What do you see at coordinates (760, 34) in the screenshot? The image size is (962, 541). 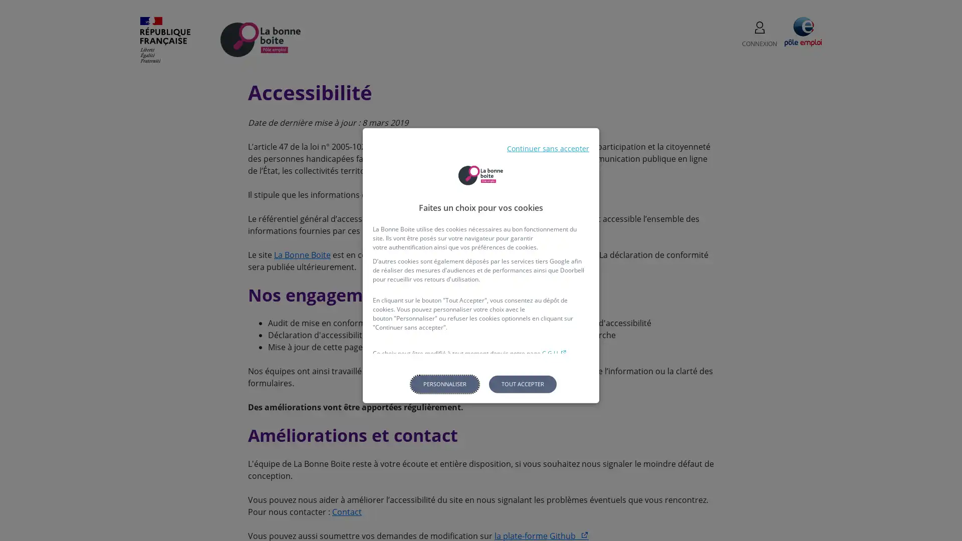 I see `CONNEXION` at bounding box center [760, 34].